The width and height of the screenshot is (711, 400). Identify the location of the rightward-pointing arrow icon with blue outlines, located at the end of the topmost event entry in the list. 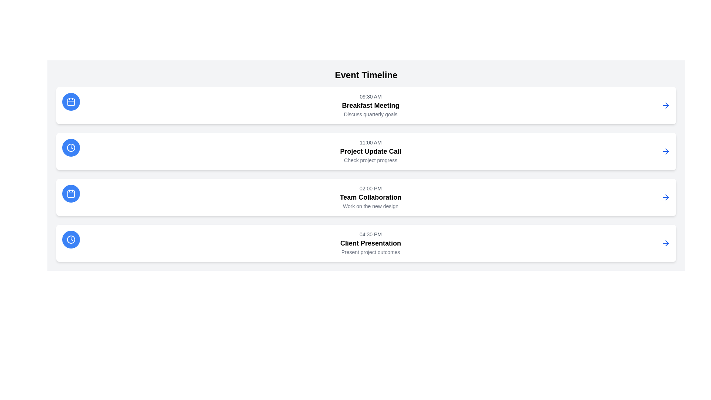
(666, 106).